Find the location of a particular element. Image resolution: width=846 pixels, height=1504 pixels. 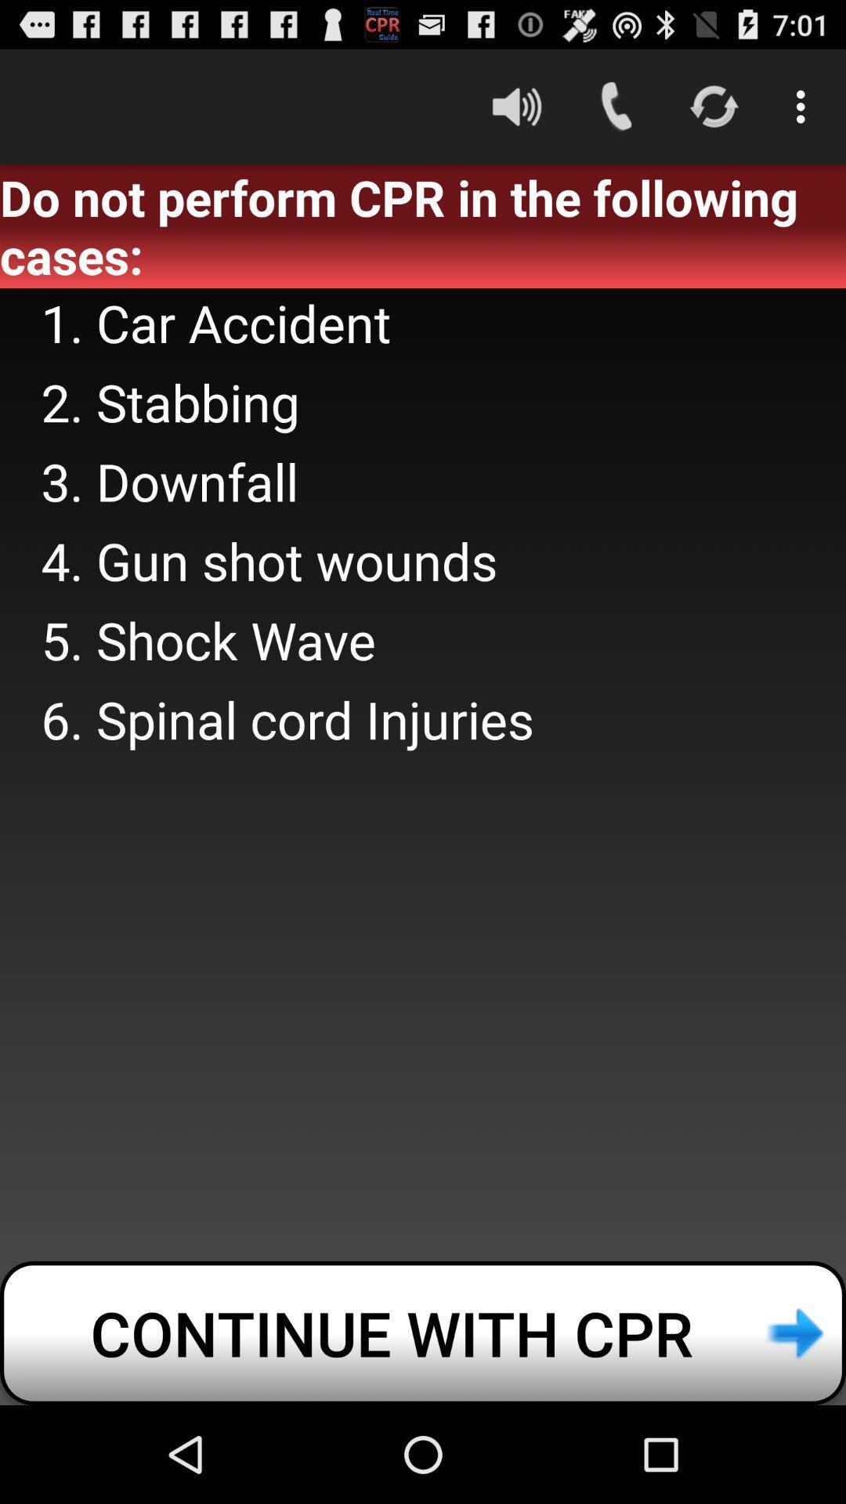

continue with cpr at the bottom is located at coordinates (423, 1332).